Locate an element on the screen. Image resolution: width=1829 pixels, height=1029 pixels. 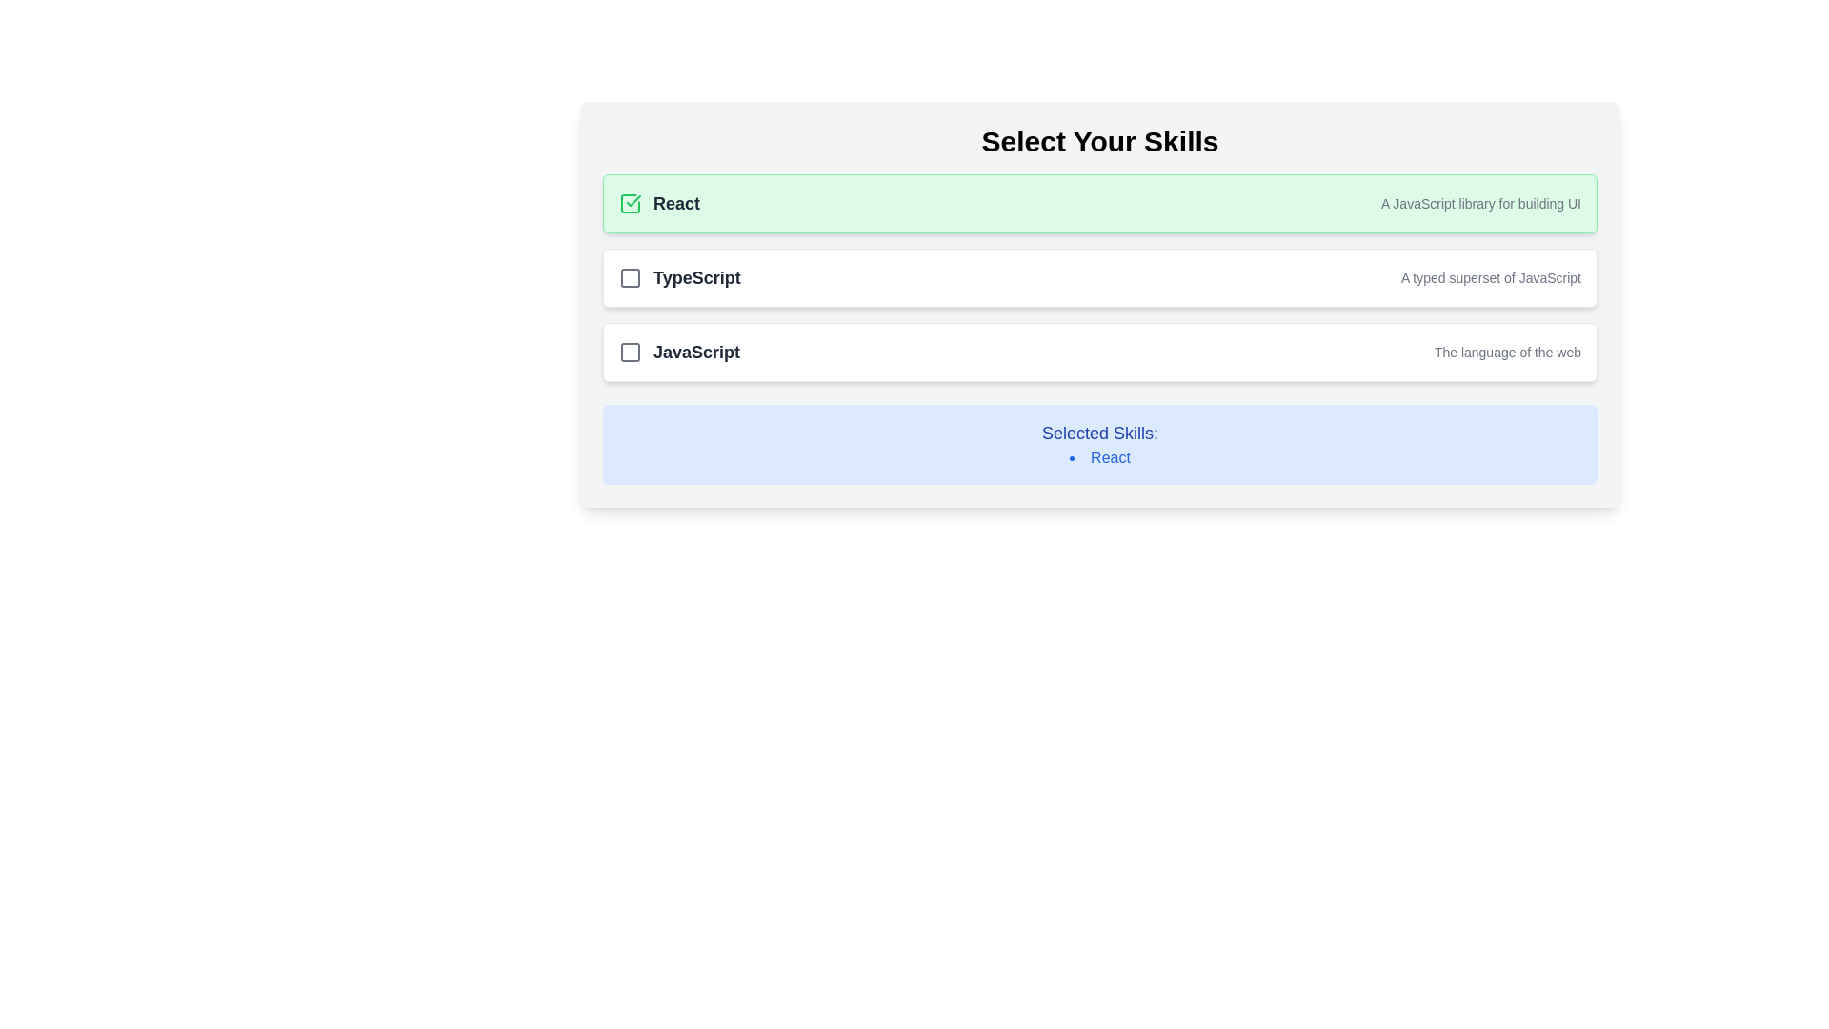
the text label displaying 'A typed superset of JavaScript' in gray font, located on the right side of the 'TypeScript' card is located at coordinates (1490, 278).